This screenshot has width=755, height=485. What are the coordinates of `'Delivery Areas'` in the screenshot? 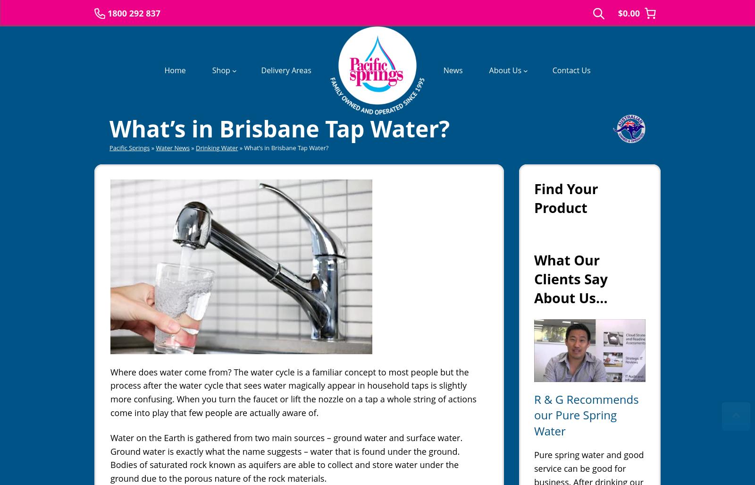 It's located at (286, 69).